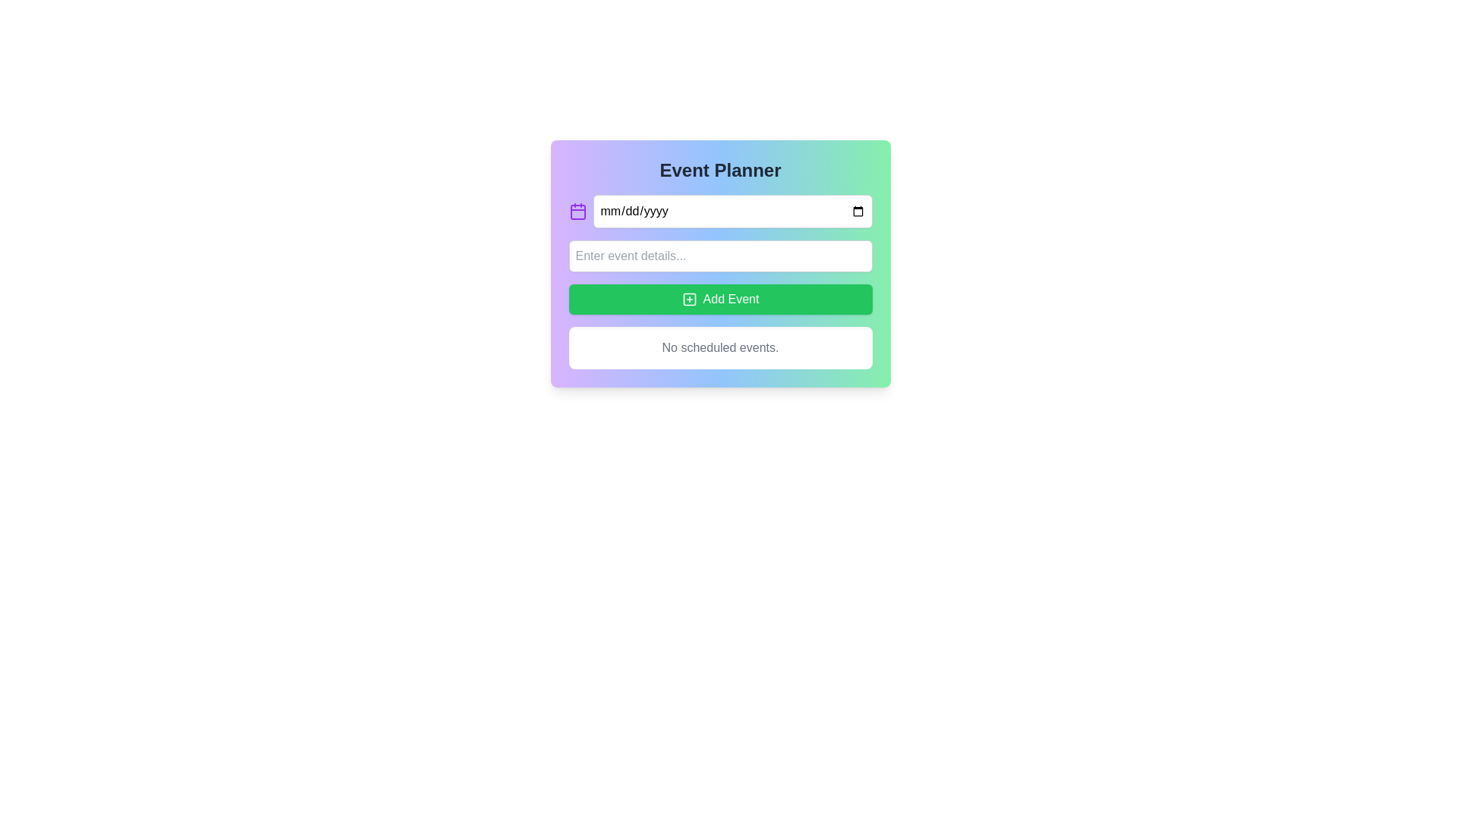 The height and width of the screenshot is (819, 1457). Describe the element at coordinates (719, 299) in the screenshot. I see `the 'Add Event' button, which is a rectangular button with a green background and white text, located below the 'Enter event details...' input field and above the 'No scheduled events.' label` at that location.